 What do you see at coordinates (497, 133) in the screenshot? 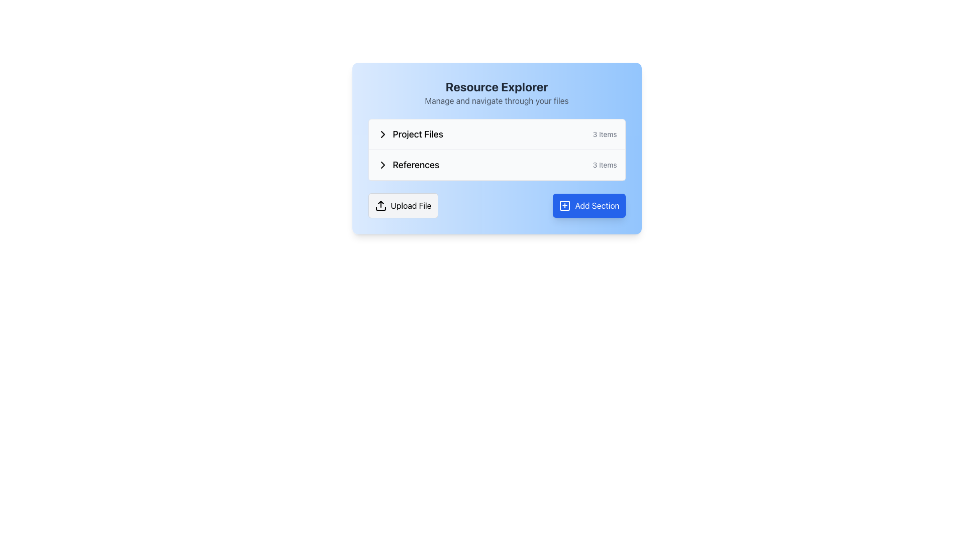
I see `the interactive menu item labeled 'Project Files'` at bounding box center [497, 133].